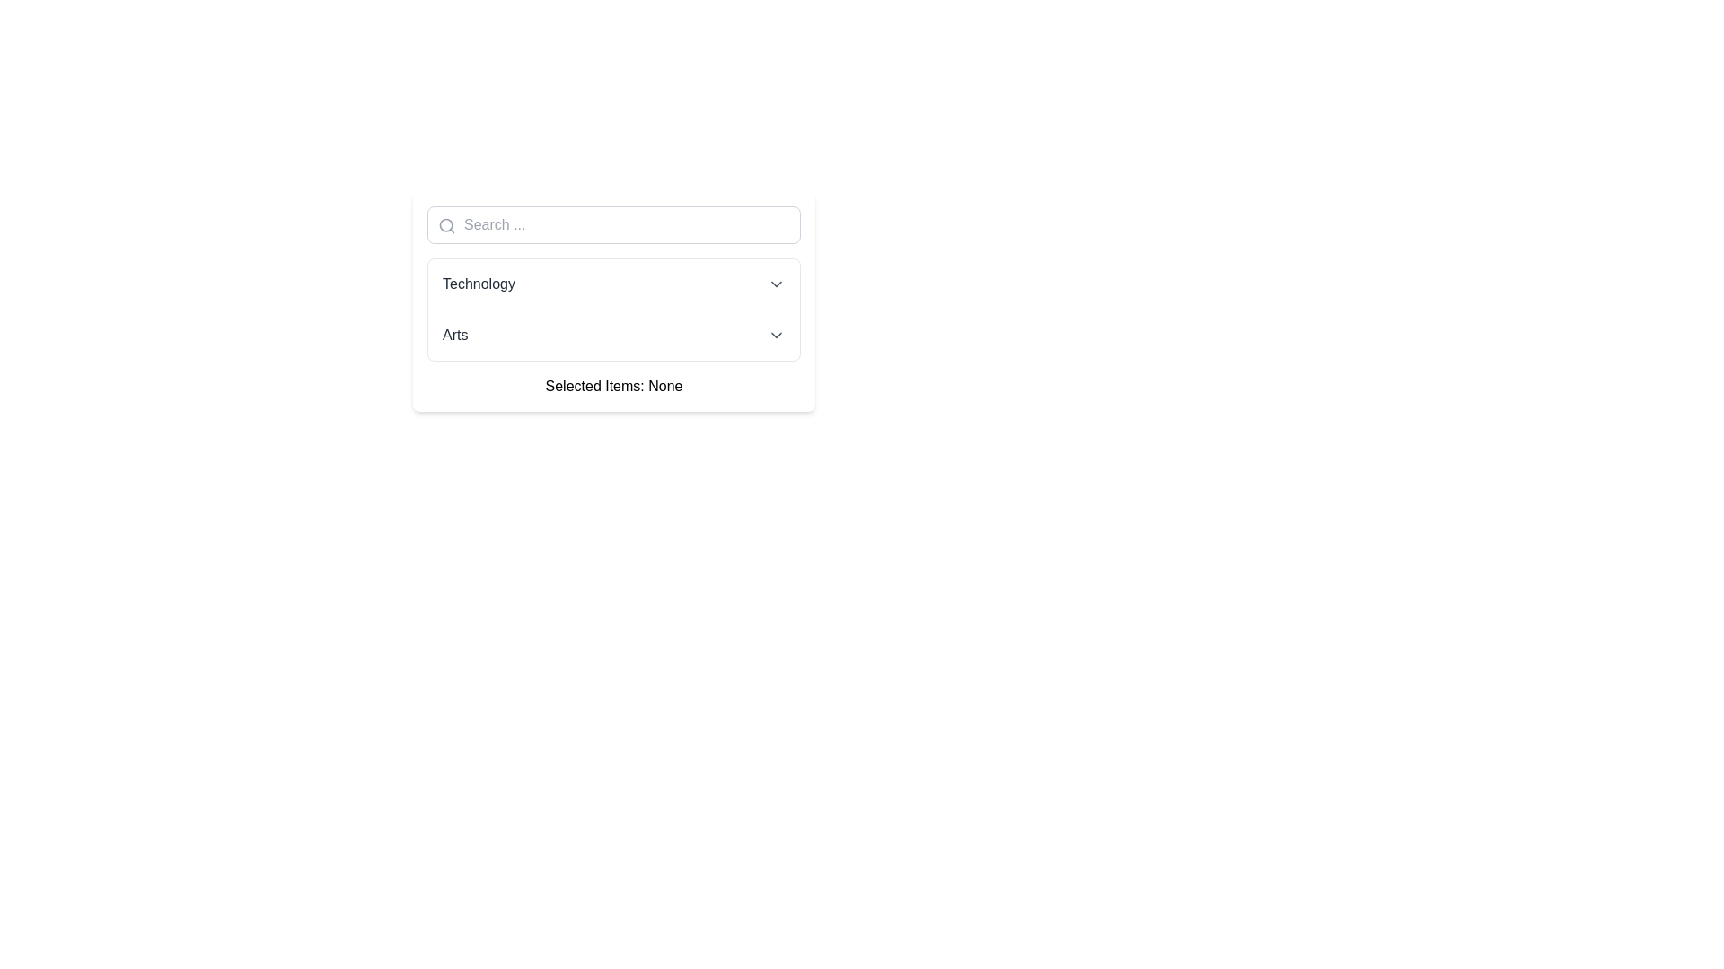 The image size is (1724, 969). I want to click on the chevron-down SVG icon located to the right of the 'Technology' dropdown, so click(776, 283).